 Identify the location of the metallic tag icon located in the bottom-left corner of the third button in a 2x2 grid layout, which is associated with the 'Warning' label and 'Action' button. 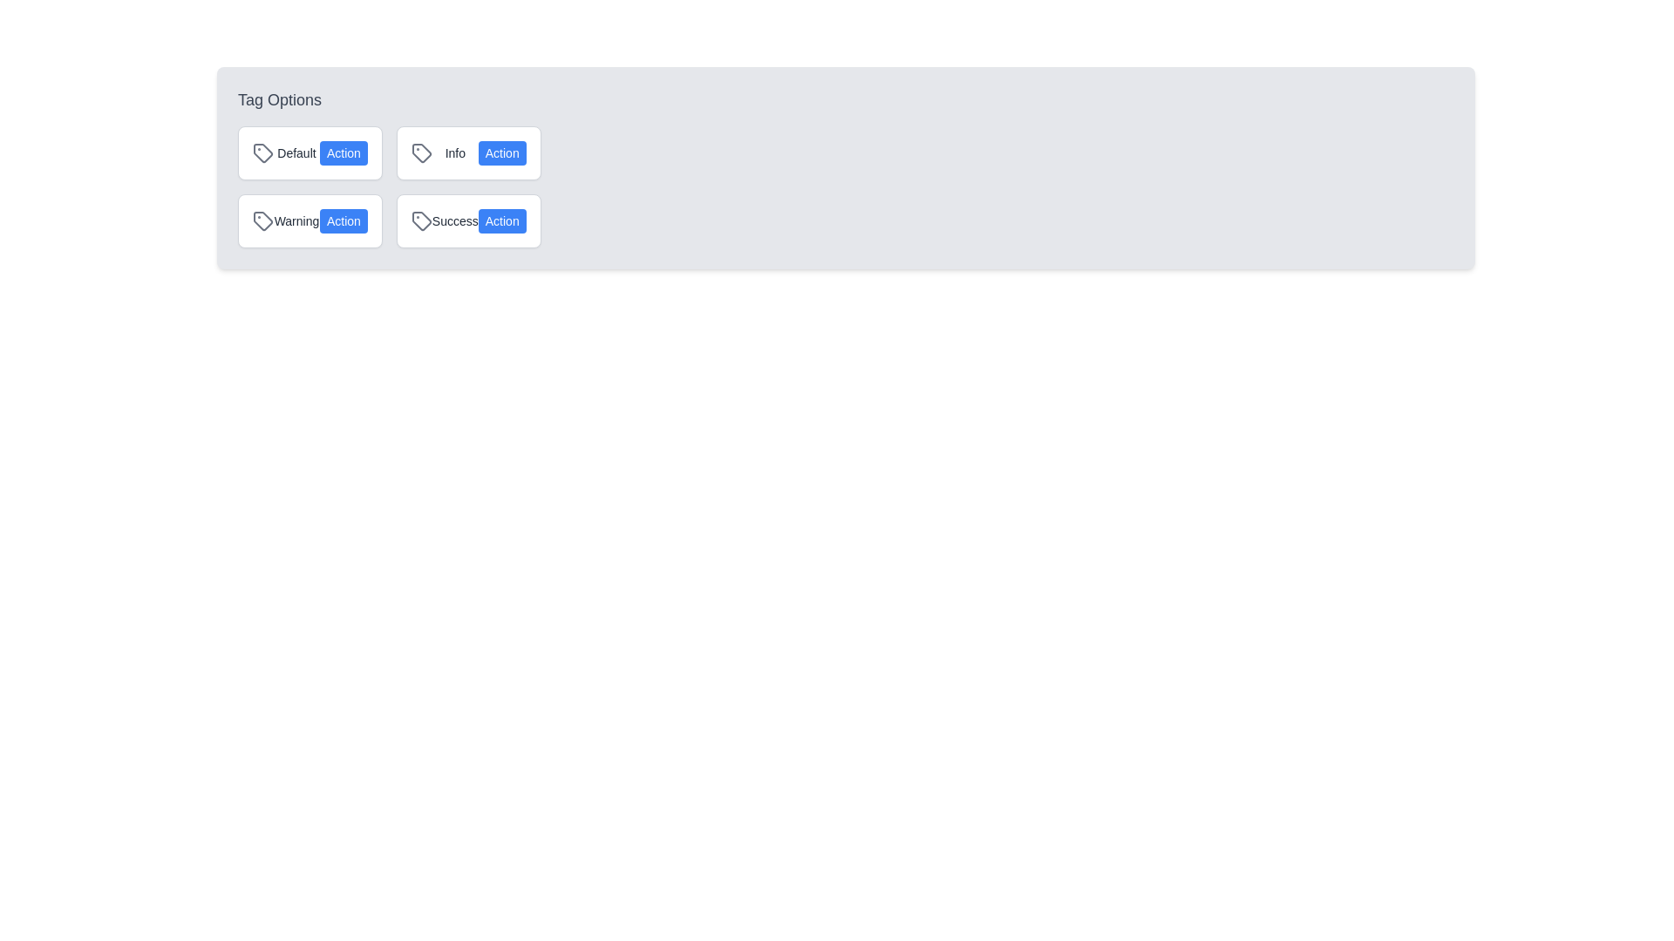
(262, 220).